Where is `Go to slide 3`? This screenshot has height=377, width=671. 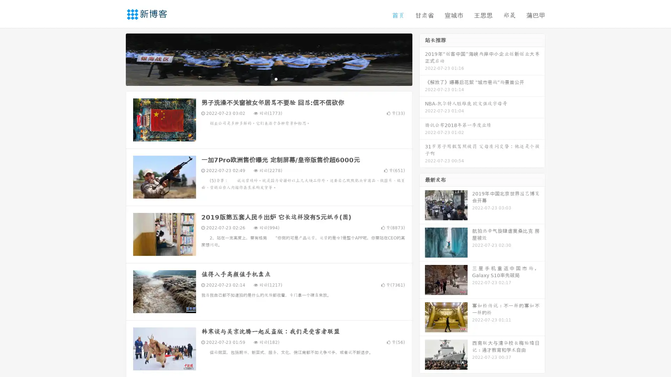 Go to slide 3 is located at coordinates (276, 79).